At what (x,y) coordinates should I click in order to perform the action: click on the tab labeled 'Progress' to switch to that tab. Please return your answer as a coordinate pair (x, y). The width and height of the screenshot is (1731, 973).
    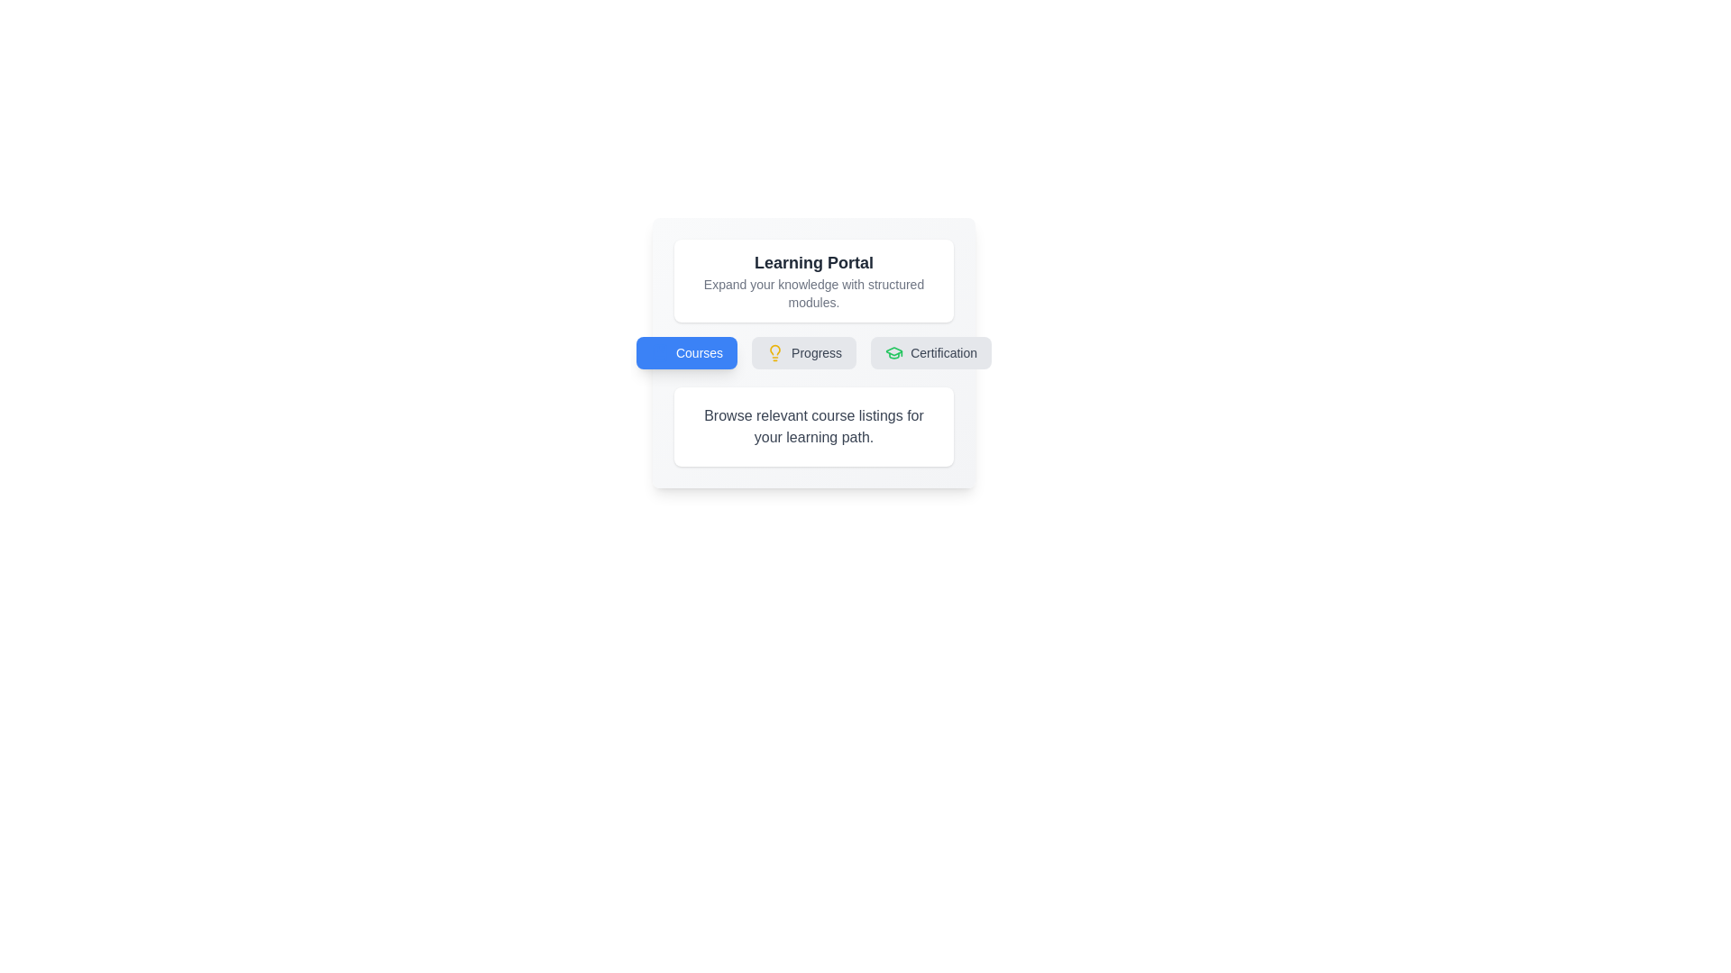
    Looking at the image, I should click on (803, 353).